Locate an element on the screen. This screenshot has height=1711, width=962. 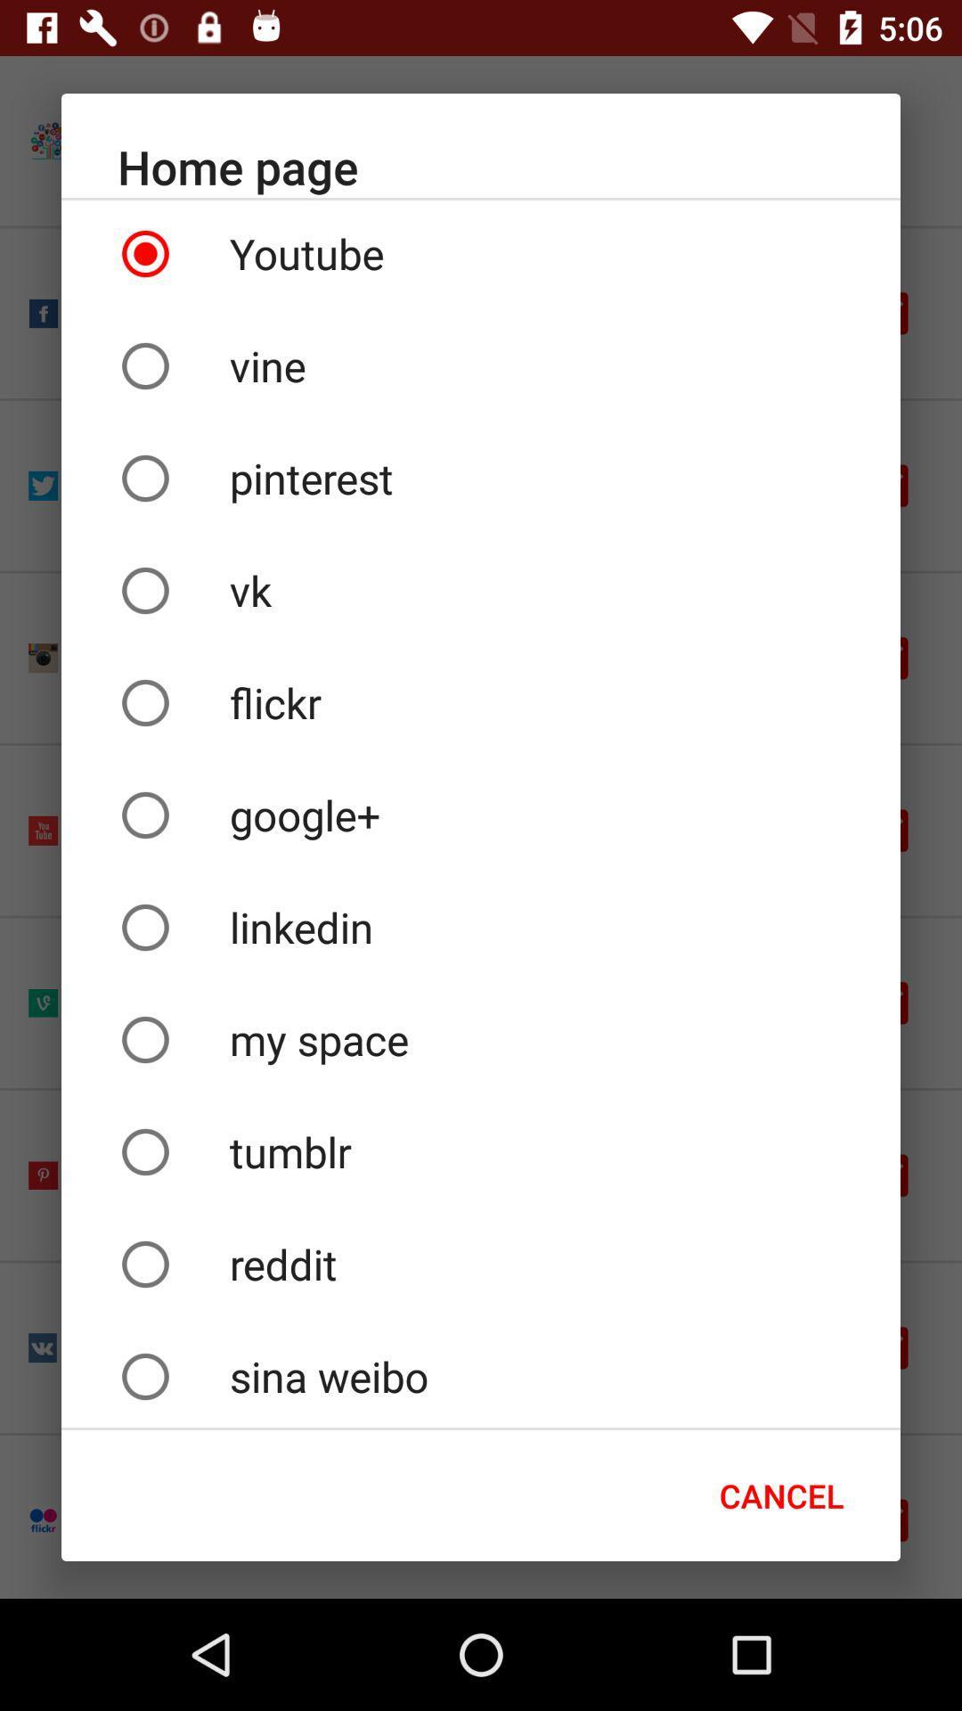
the cancel item is located at coordinates (780, 1495).